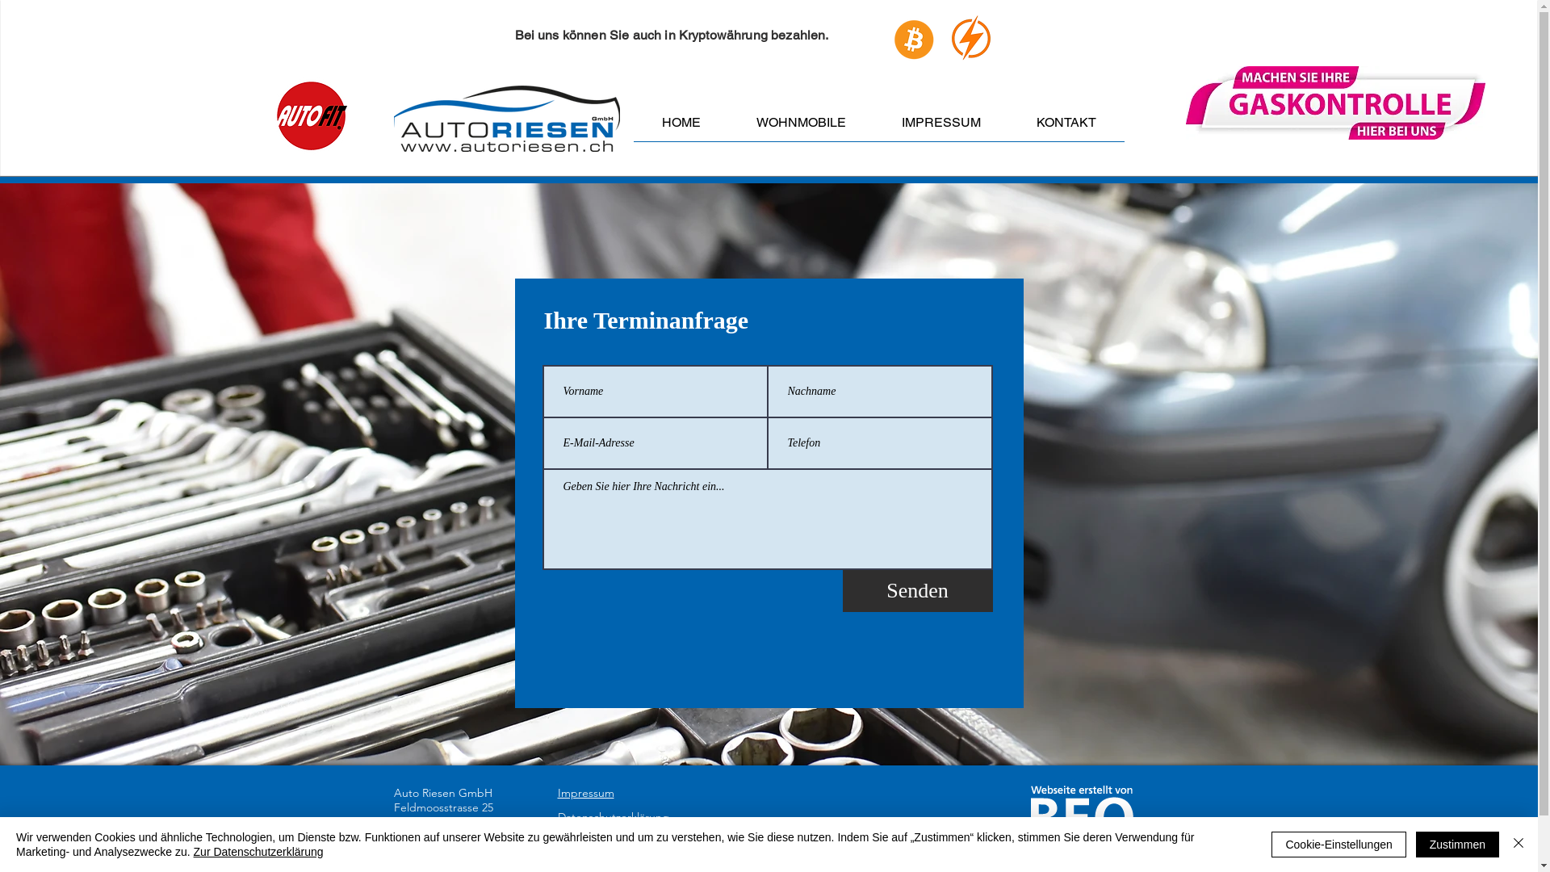  Describe the element at coordinates (940, 127) in the screenshot. I see `'IMPRESSUM'` at that location.